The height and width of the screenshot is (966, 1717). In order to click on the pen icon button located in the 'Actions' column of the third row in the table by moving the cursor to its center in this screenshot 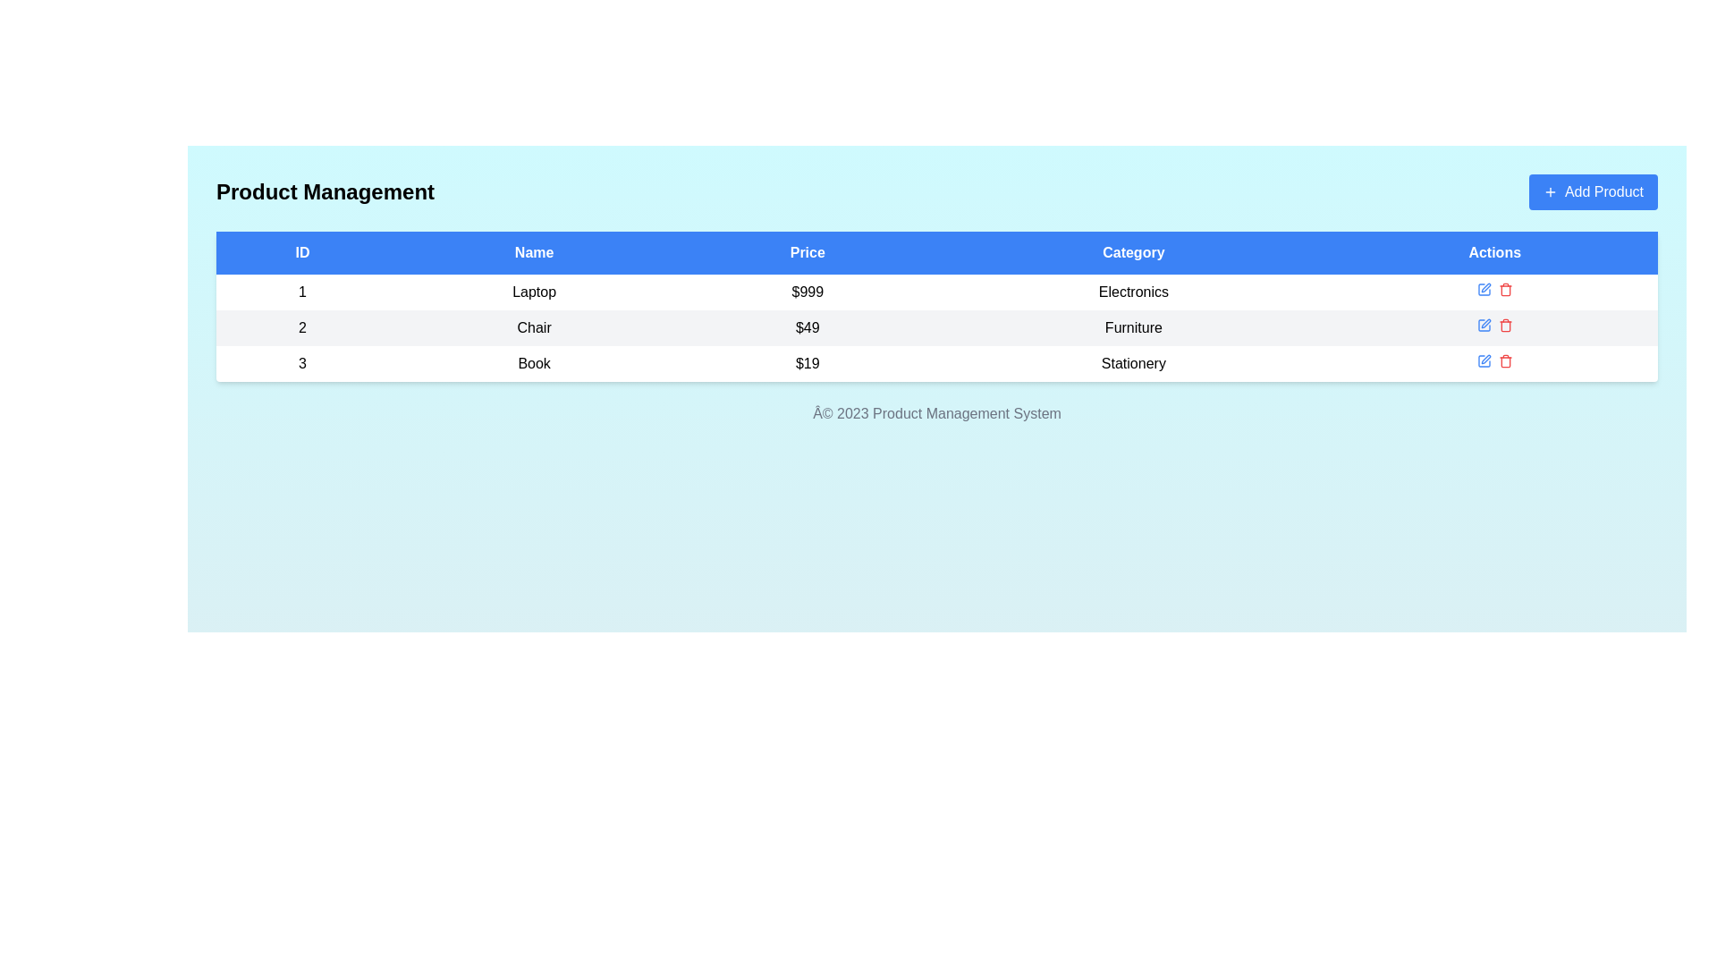, I will do `click(1485, 359)`.